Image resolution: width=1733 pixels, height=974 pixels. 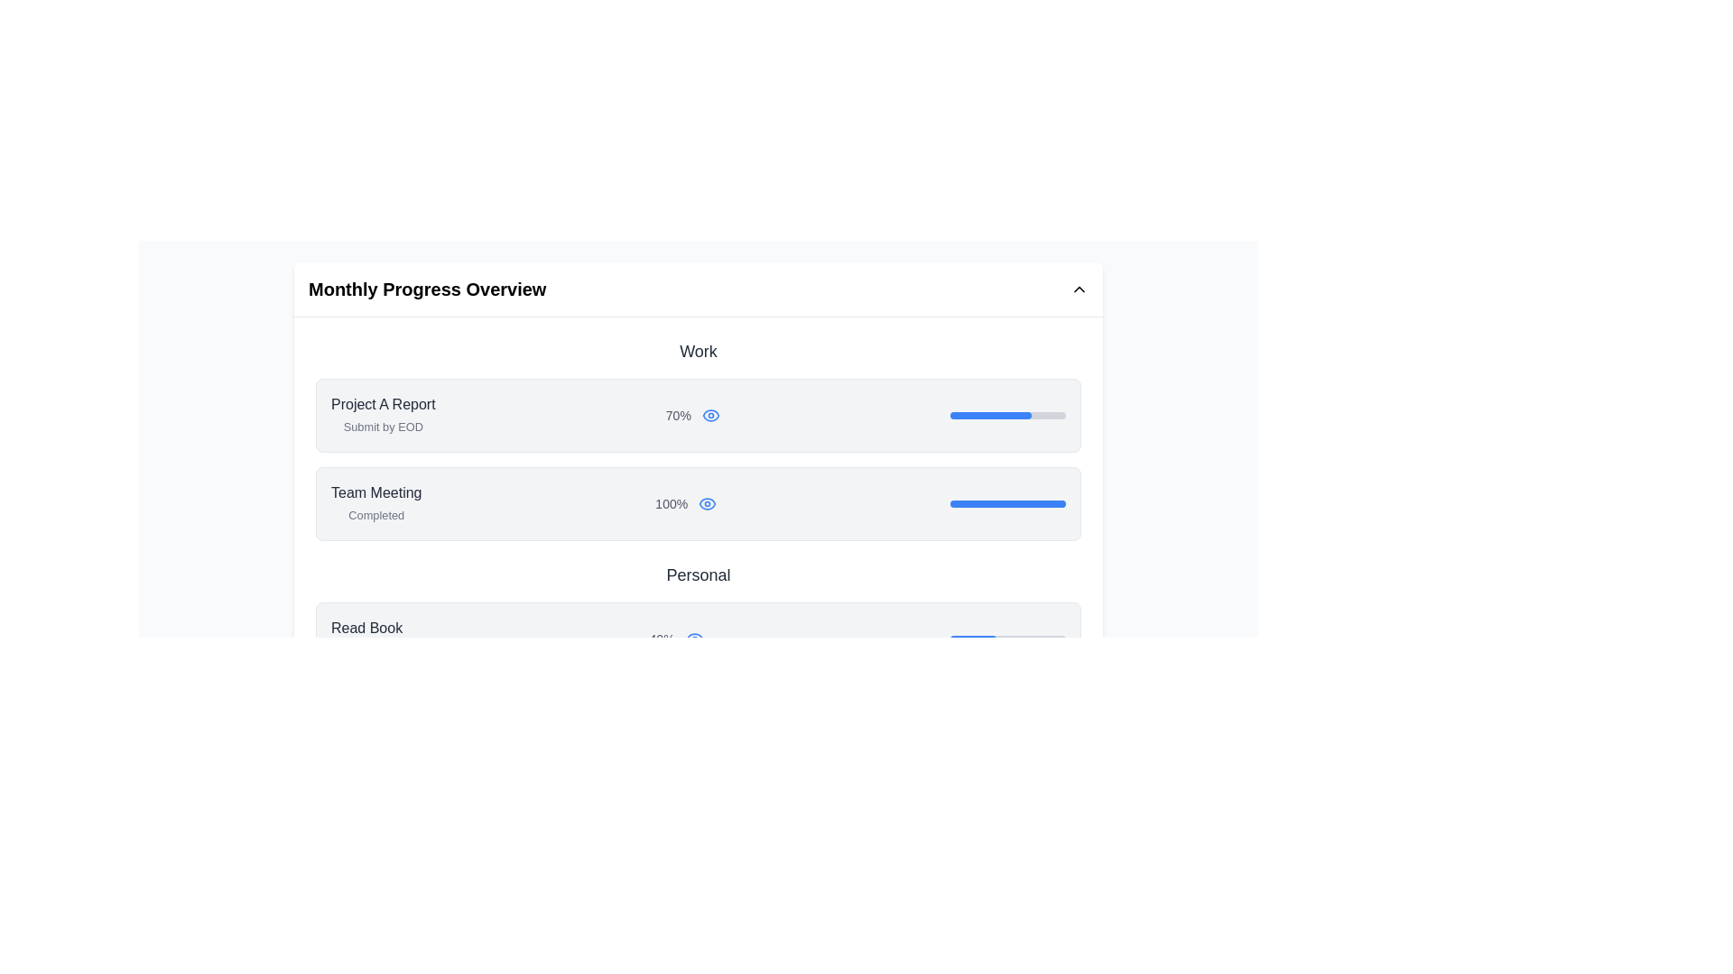 I want to click on the button located in the top-right corner of the 'Monthly Progress Overview' section to change its color, so click(x=1079, y=288).